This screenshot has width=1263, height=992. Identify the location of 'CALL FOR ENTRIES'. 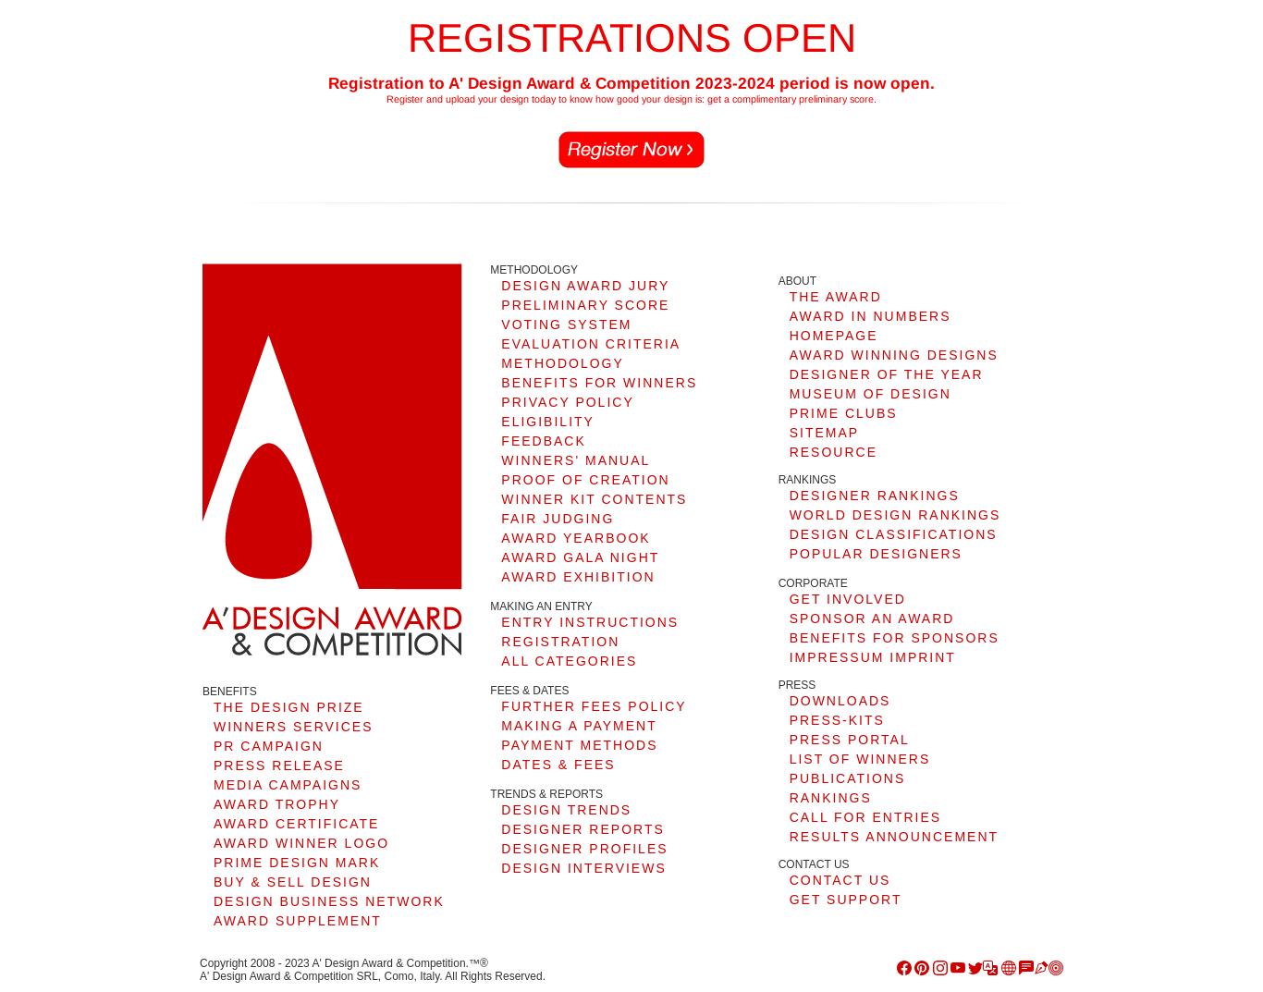
(788, 814).